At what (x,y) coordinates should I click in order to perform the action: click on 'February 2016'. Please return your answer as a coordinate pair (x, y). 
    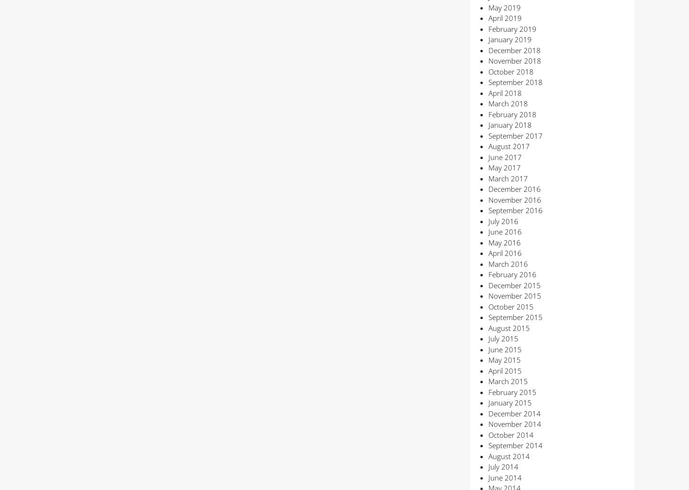
    Looking at the image, I should click on (512, 274).